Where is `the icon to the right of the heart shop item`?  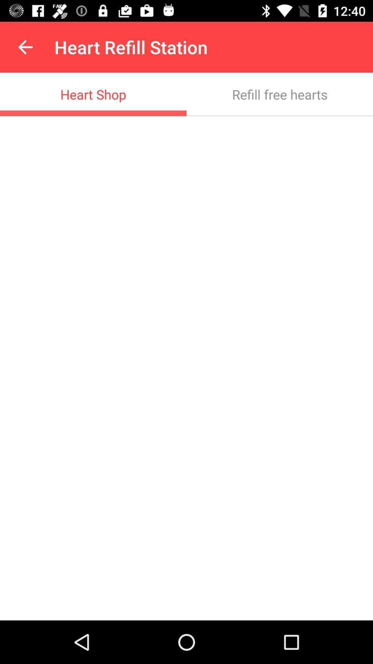 the icon to the right of the heart shop item is located at coordinates (280, 94).